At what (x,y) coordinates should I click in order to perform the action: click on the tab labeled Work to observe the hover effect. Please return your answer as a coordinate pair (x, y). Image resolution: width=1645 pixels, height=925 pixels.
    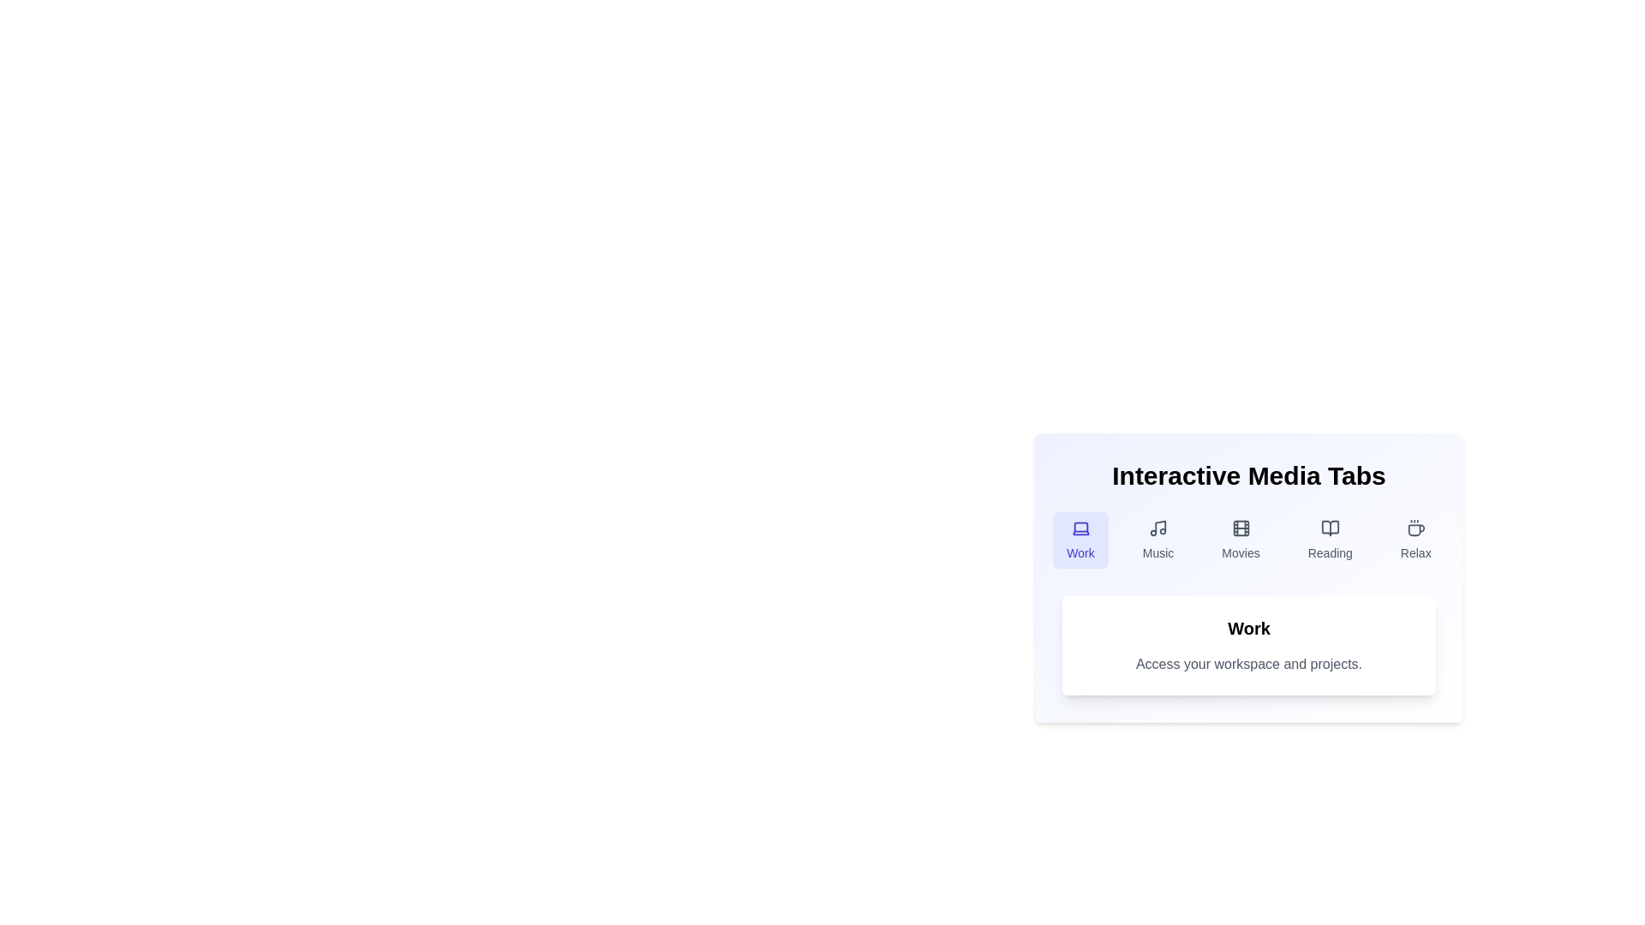
    Looking at the image, I should click on (1080, 540).